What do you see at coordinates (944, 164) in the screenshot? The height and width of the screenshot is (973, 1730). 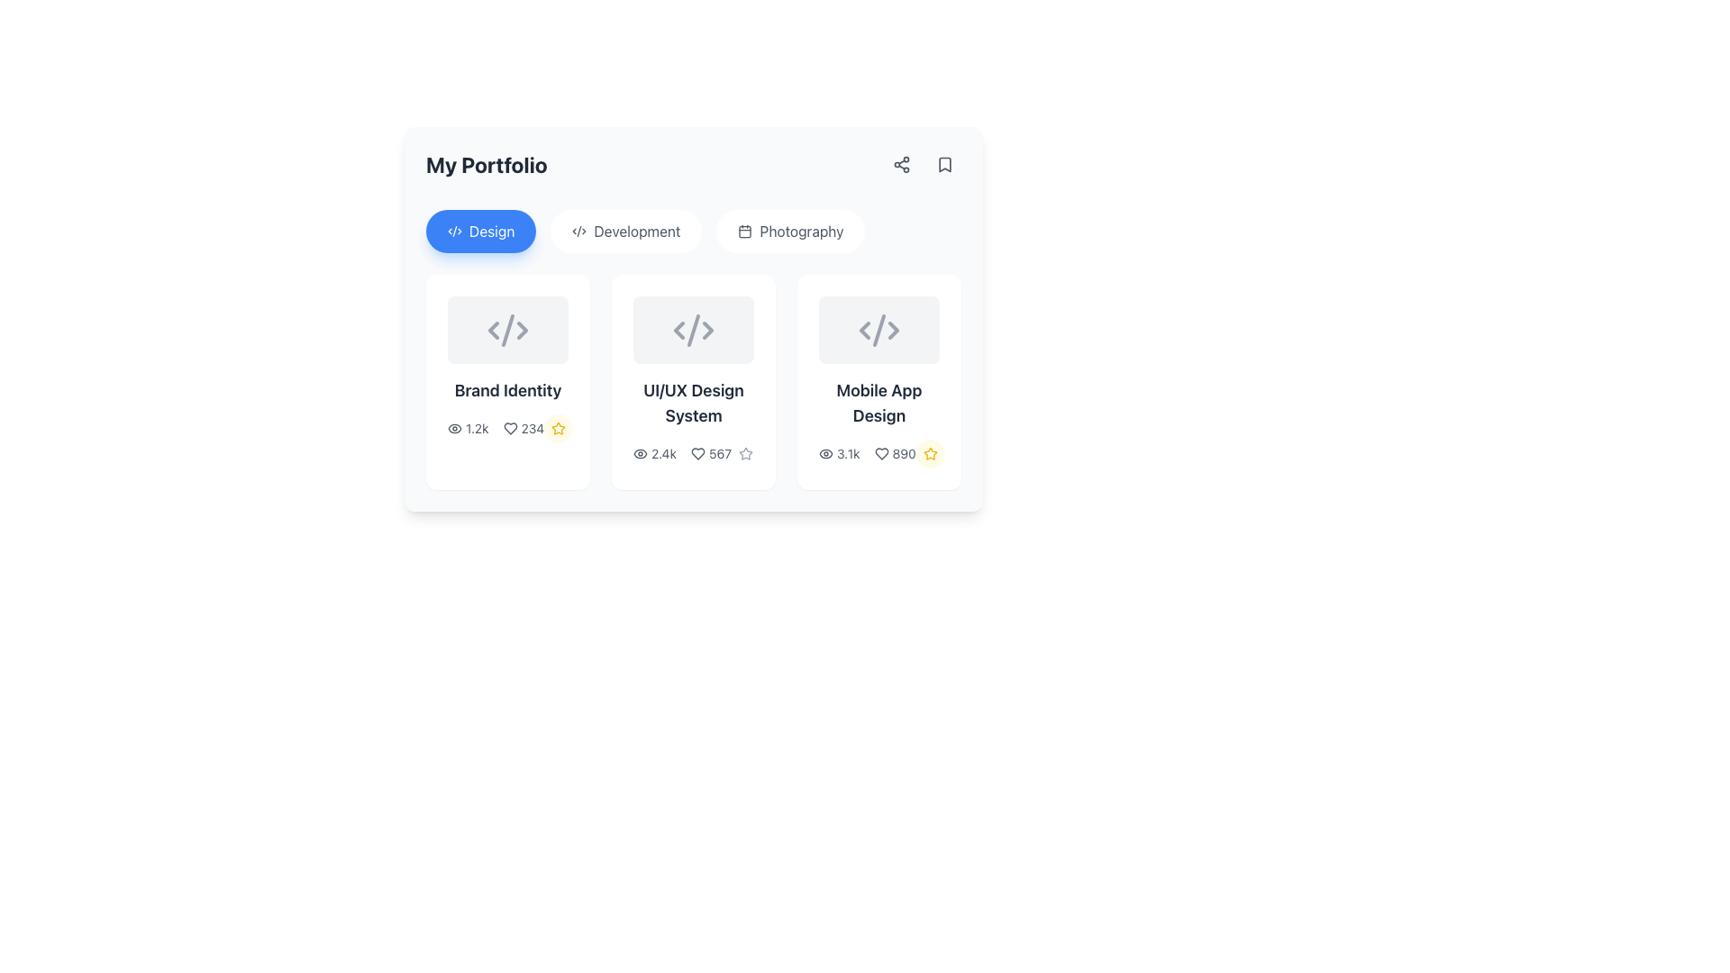 I see `the gray bookmark icon located within a circular button at the top-right corner of the 'My Portfolio' section to bookmark the portfolio` at bounding box center [944, 164].